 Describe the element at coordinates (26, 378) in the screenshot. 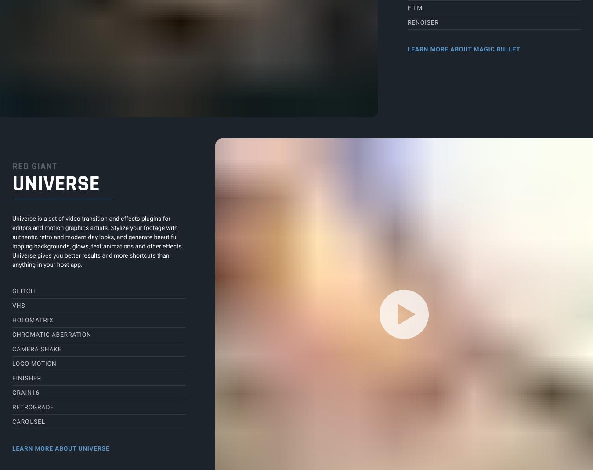

I see `'Finisher'` at that location.